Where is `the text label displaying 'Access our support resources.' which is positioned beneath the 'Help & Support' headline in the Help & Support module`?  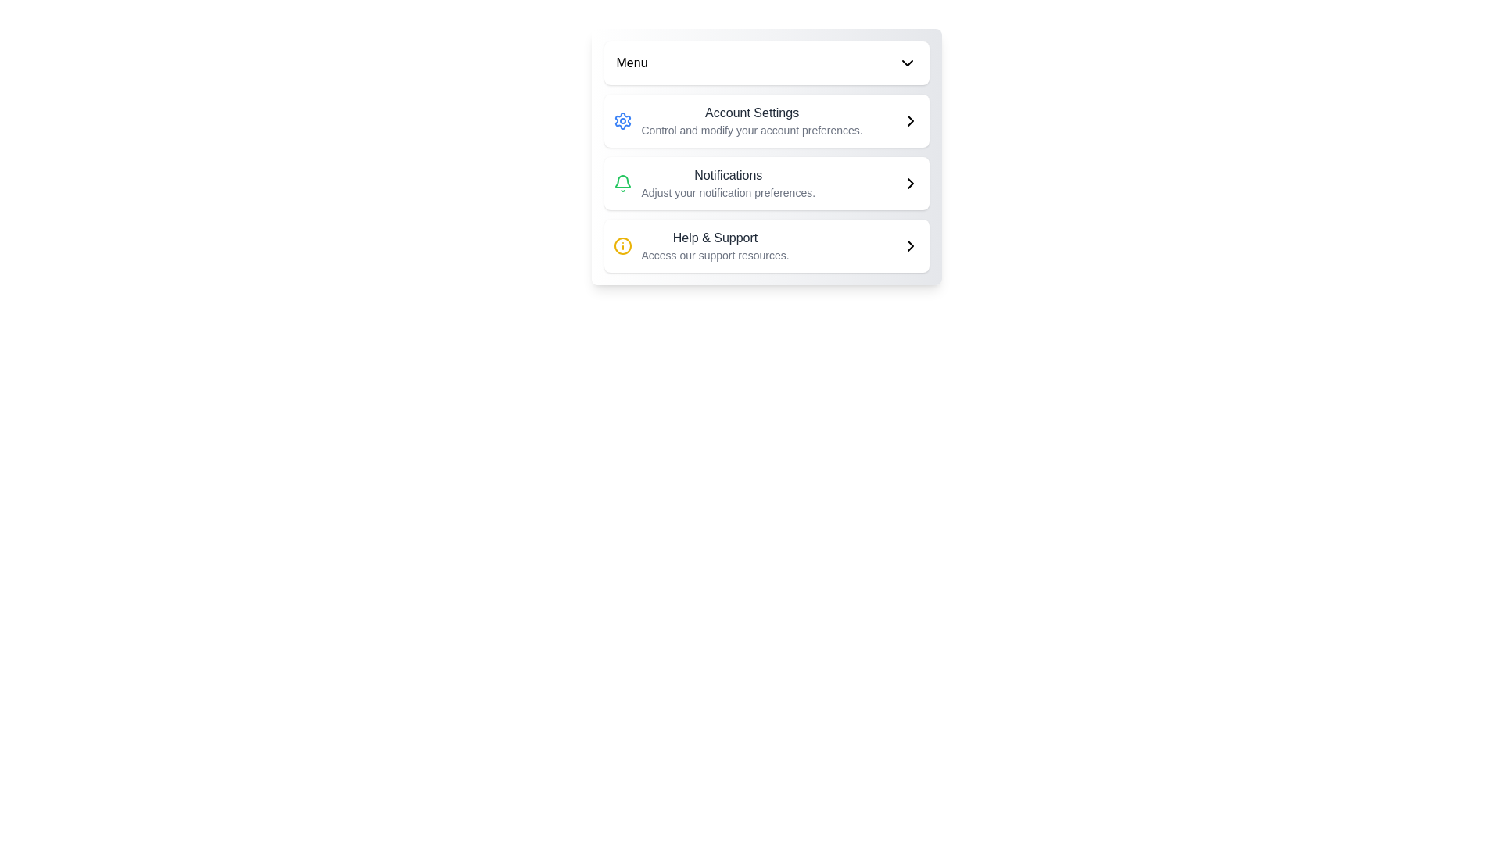 the text label displaying 'Access our support resources.' which is positioned beneath the 'Help & Support' headline in the Help & Support module is located at coordinates (715, 255).